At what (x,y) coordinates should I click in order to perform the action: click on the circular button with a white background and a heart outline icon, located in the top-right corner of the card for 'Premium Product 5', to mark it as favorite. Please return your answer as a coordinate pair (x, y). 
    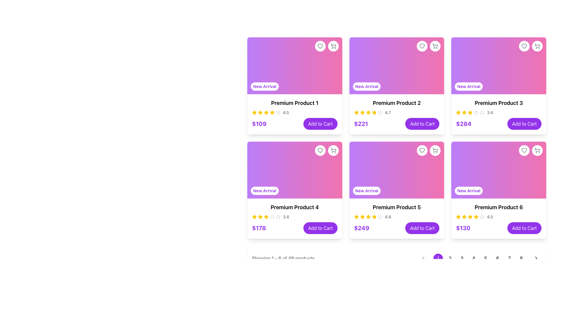
    Looking at the image, I should click on (422, 150).